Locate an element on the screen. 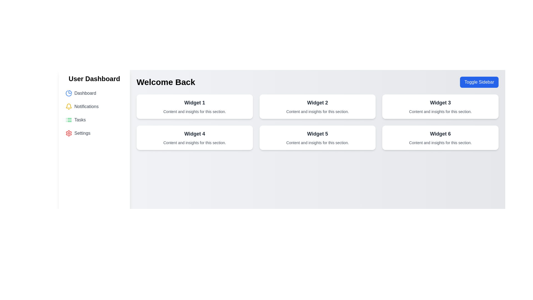 The image size is (533, 300). the cogwheel-shaped icon with a red fill, representing settings, located in the left sidebar under the 'Settings' menu option is located at coordinates (69, 133).